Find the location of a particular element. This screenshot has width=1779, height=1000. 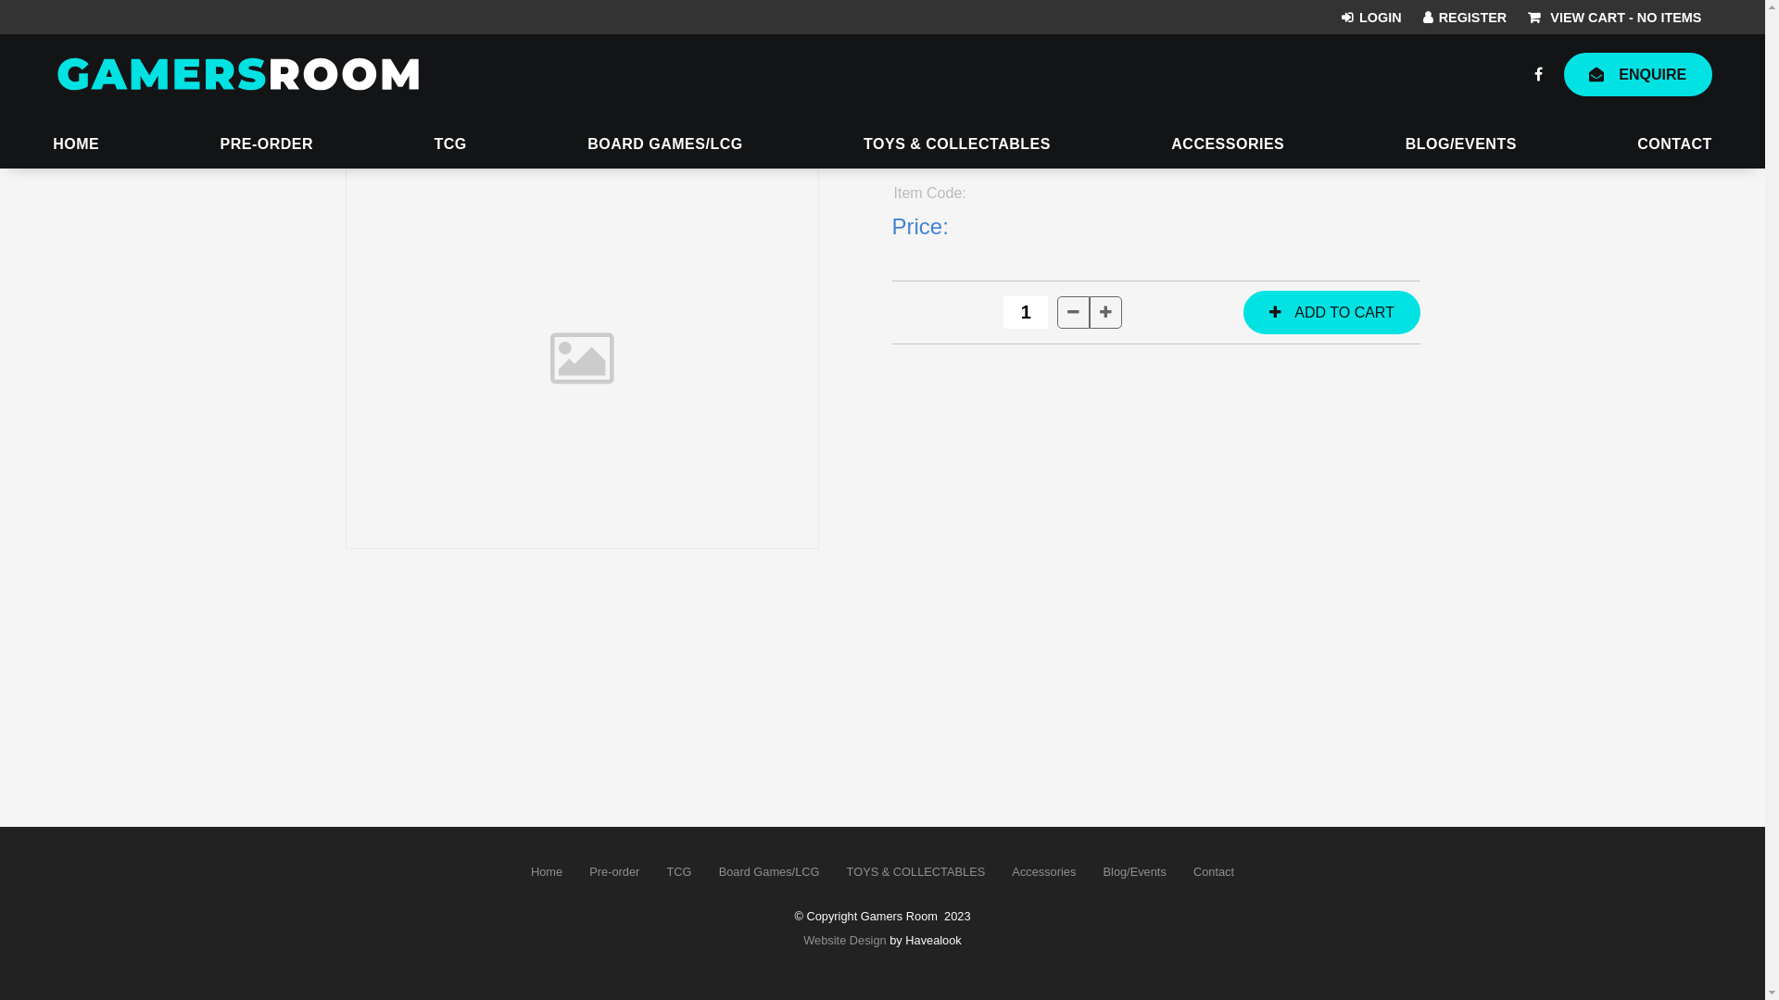

'Blog/Events' is located at coordinates (1091, 871).